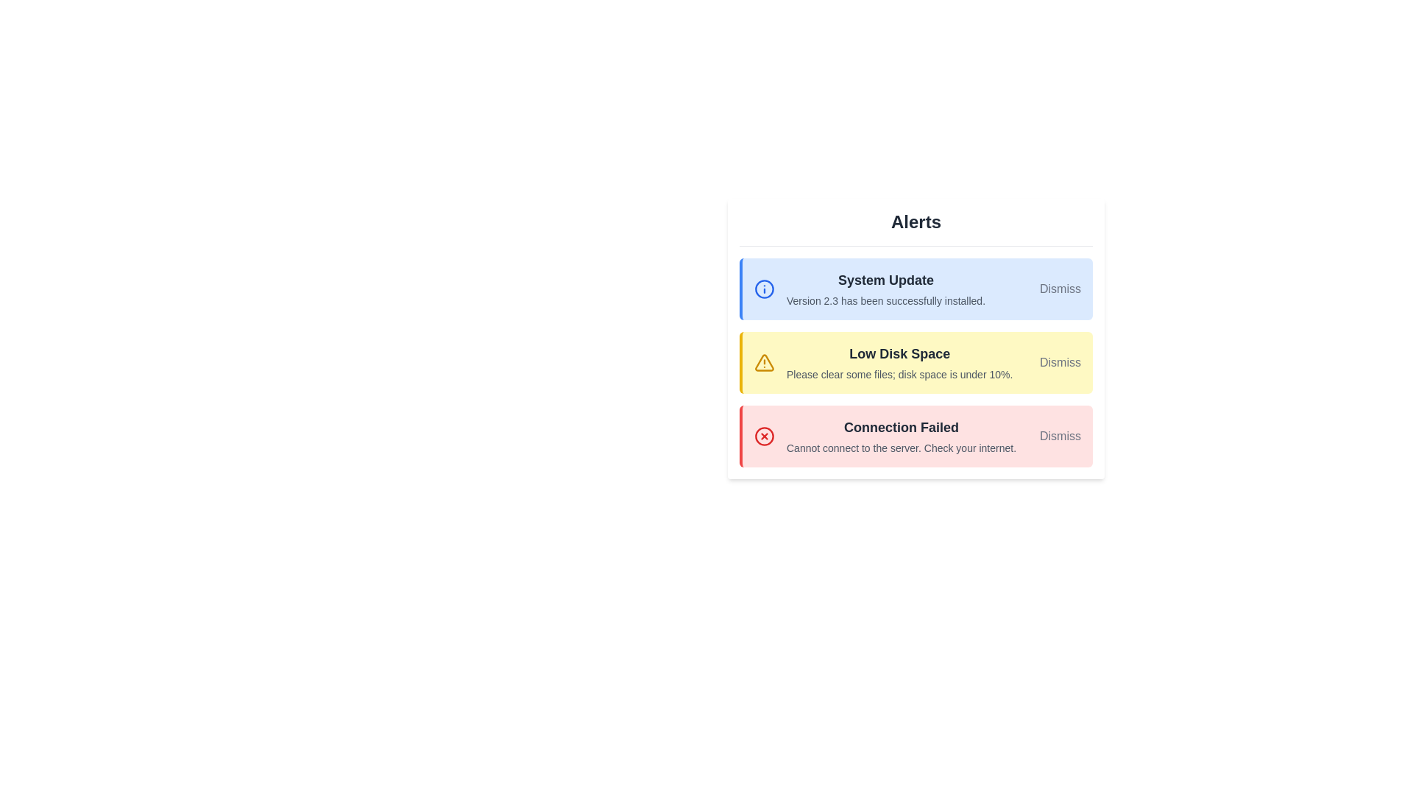 Image resolution: width=1413 pixels, height=795 pixels. Describe the element at coordinates (764, 363) in the screenshot. I see `the warning icon indicating low disk space alert, which is located in the yellow section of the alerts panel, to the left of the title 'Low Disk Space'` at that location.